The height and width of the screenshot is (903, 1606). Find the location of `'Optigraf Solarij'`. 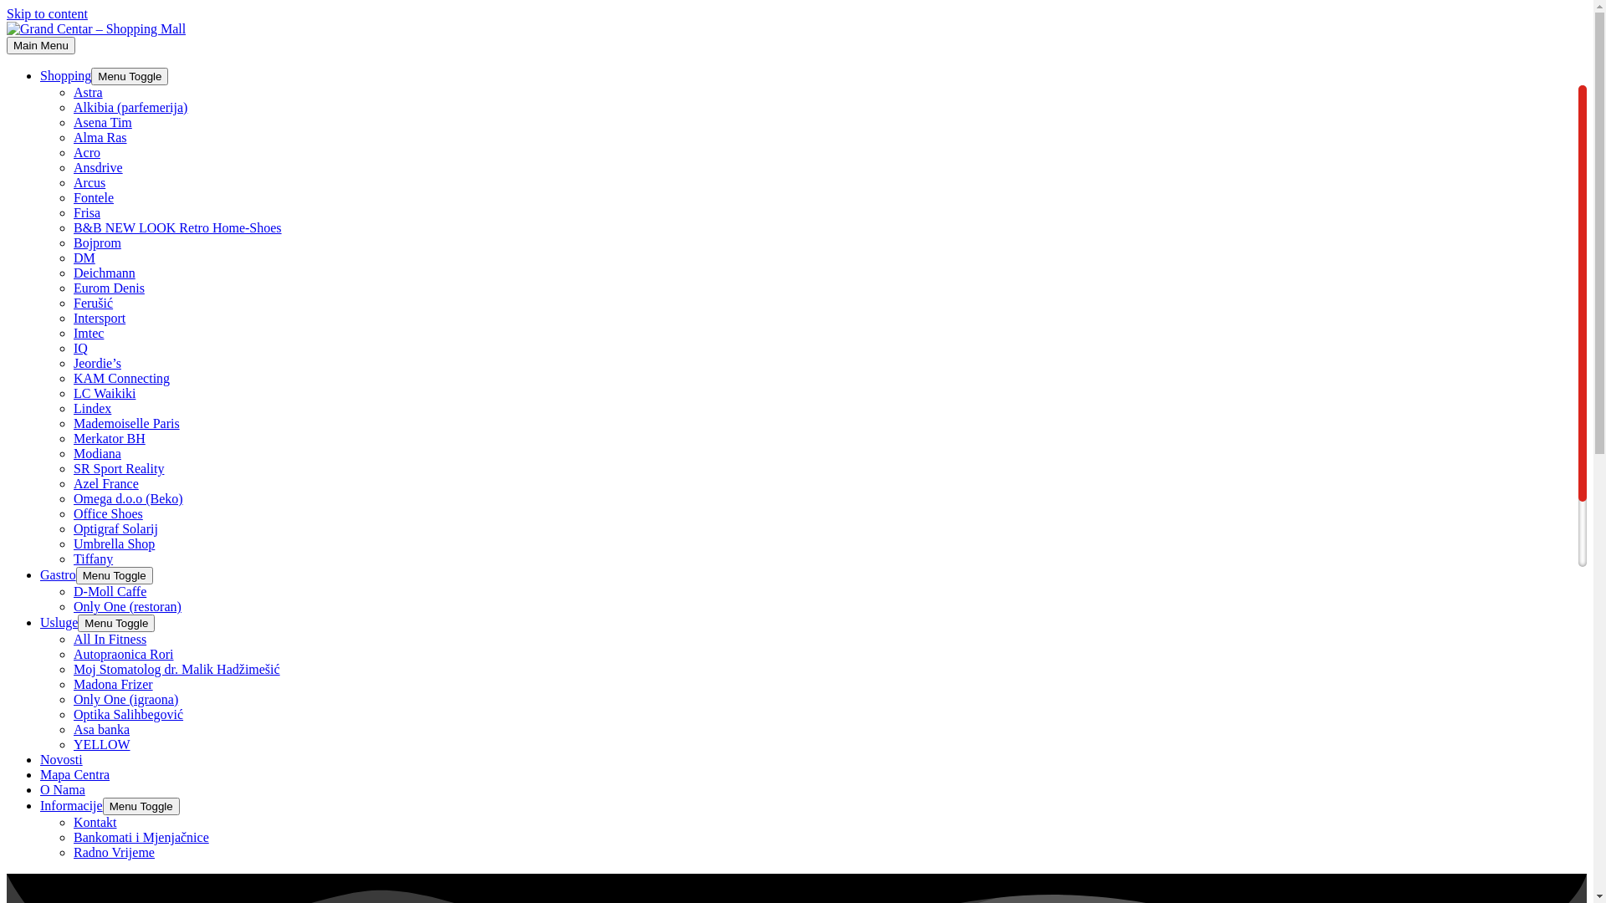

'Optigraf Solarij' is located at coordinates (115, 528).